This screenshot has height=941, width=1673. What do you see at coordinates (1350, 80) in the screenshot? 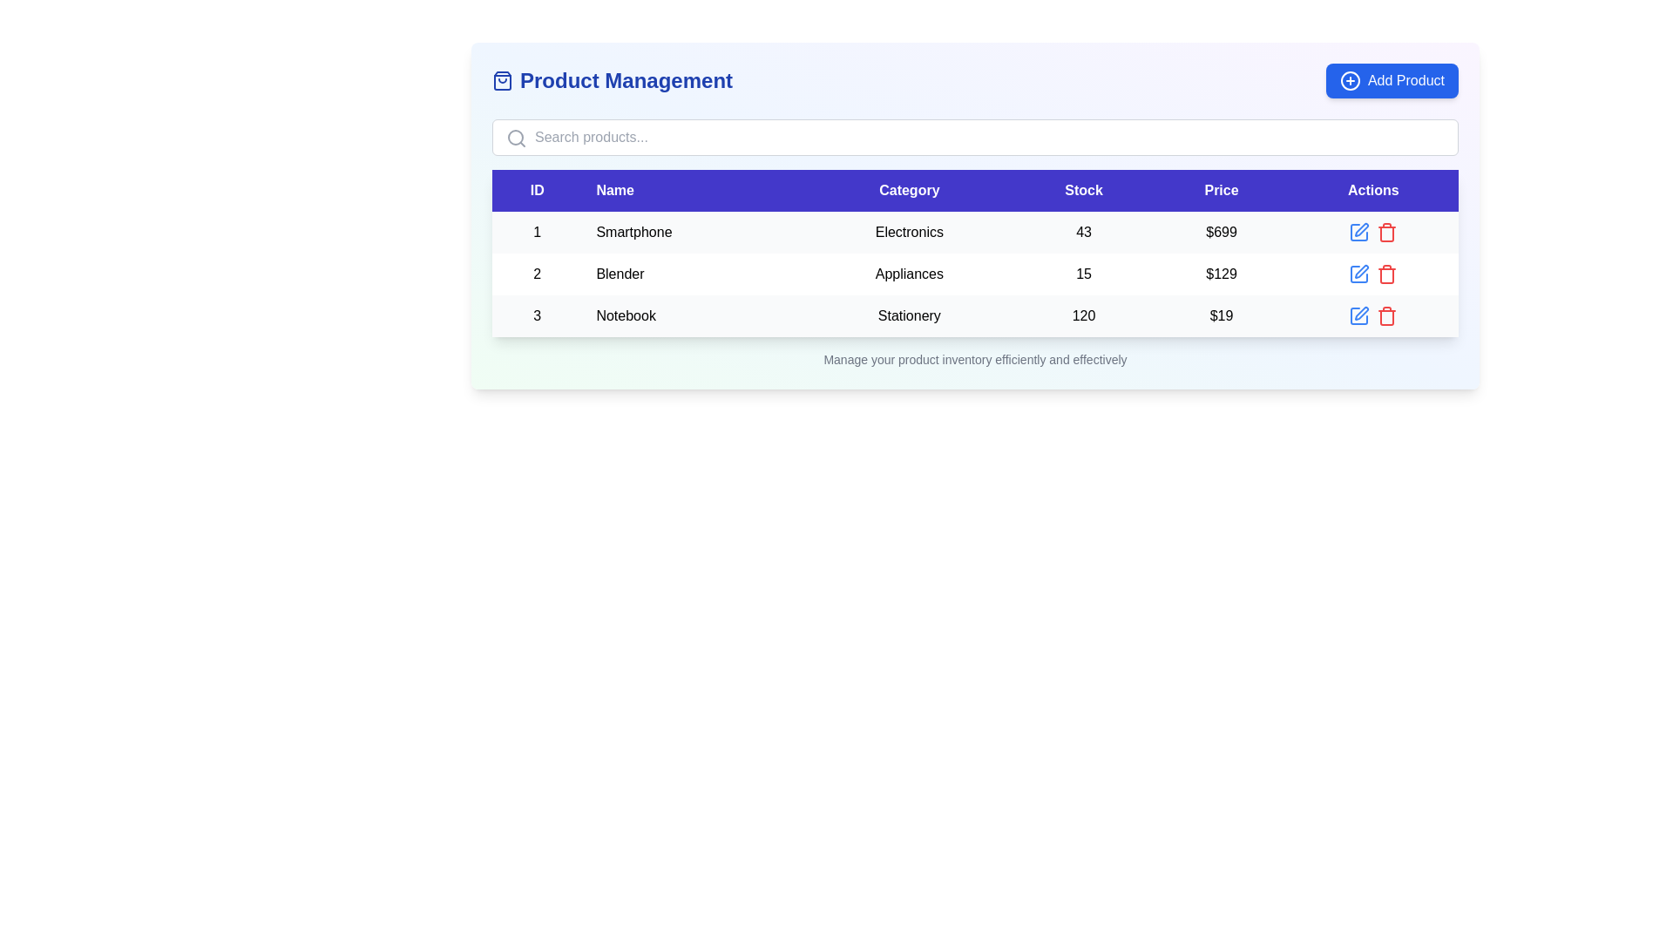
I see `the circular outline of the '+' icon in the 'Add Product' button located at the top-right corner of the layout` at bounding box center [1350, 80].